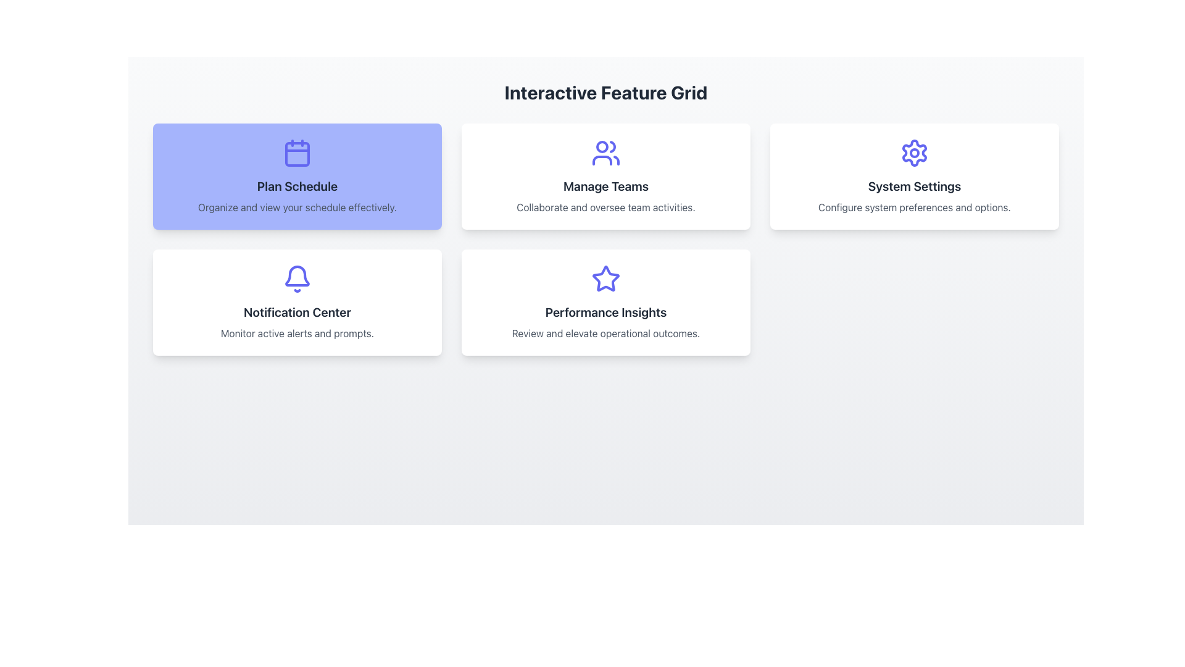 Image resolution: width=1185 pixels, height=667 pixels. Describe the element at coordinates (606, 92) in the screenshot. I see `the header text element which is located at the top-center of the interface, serving as the title for the section` at that location.